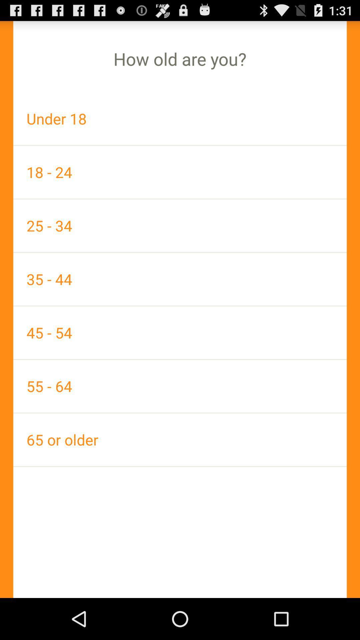  What do you see at coordinates (180, 386) in the screenshot?
I see `55 - 64` at bounding box center [180, 386].